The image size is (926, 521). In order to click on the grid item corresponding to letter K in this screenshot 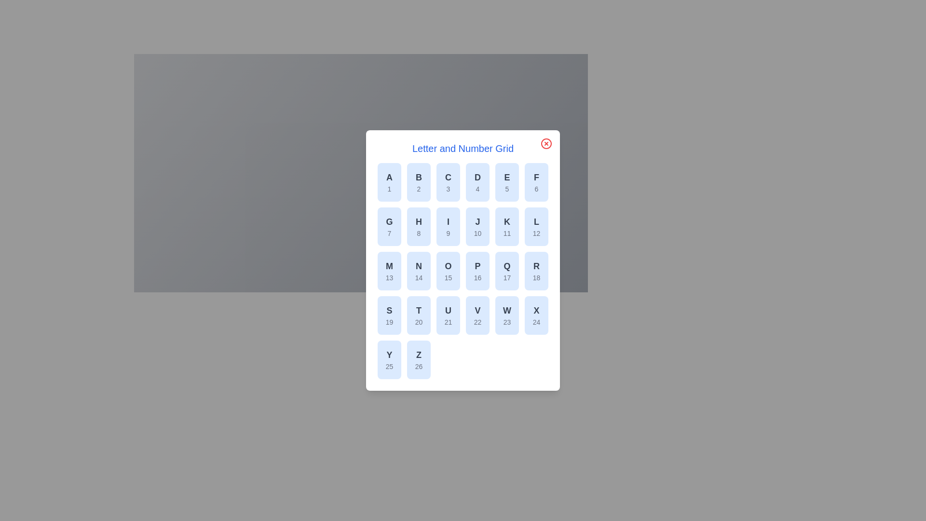, I will do `click(506, 227)`.